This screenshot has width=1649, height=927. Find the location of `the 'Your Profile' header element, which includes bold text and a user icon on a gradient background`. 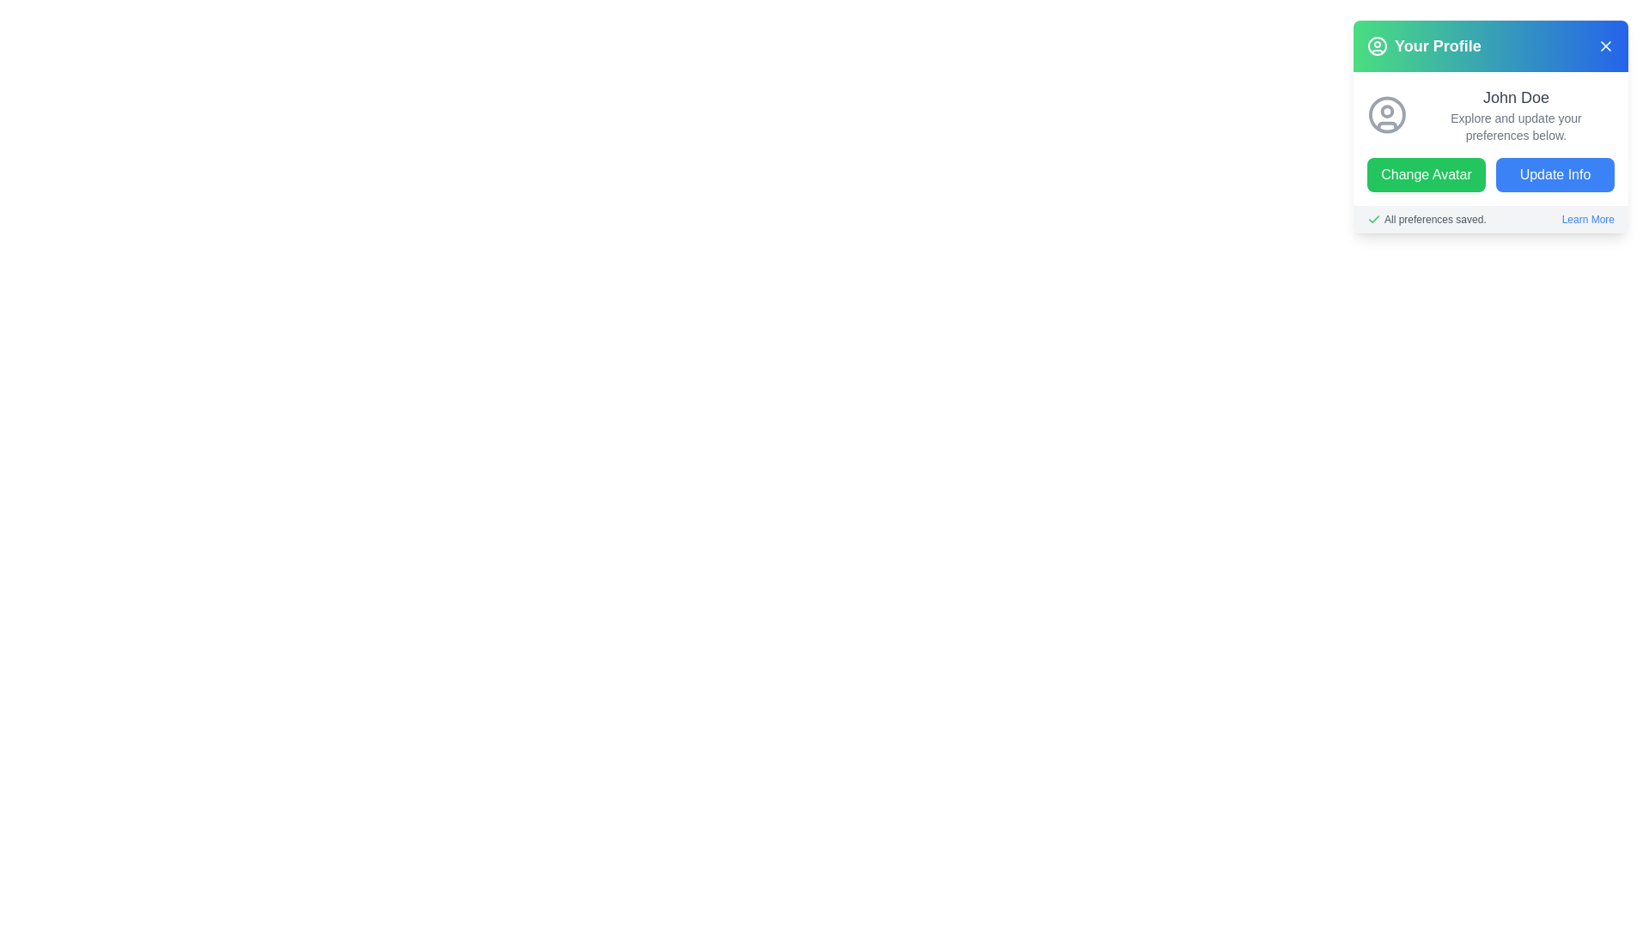

the 'Your Profile' header element, which includes bold text and a user icon on a gradient background is located at coordinates (1424, 45).